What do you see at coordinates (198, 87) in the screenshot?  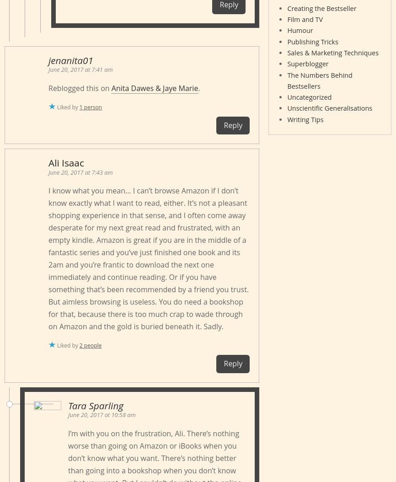 I see `'.'` at bounding box center [198, 87].